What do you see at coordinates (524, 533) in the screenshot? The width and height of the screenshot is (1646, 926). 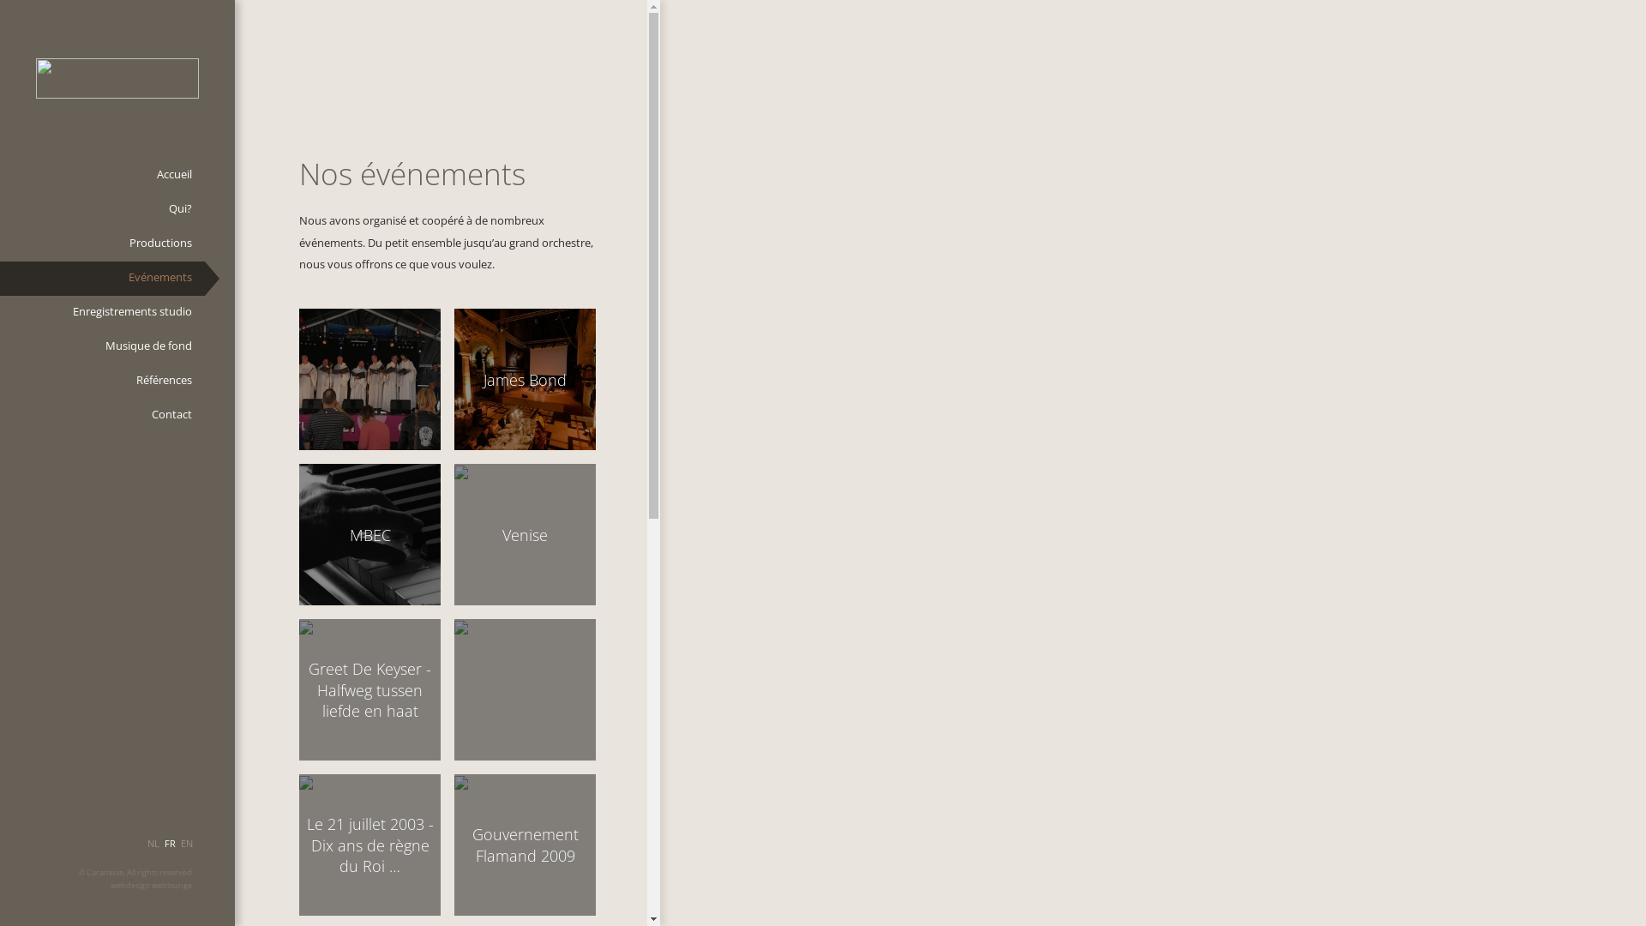 I see `'Venise'` at bounding box center [524, 533].